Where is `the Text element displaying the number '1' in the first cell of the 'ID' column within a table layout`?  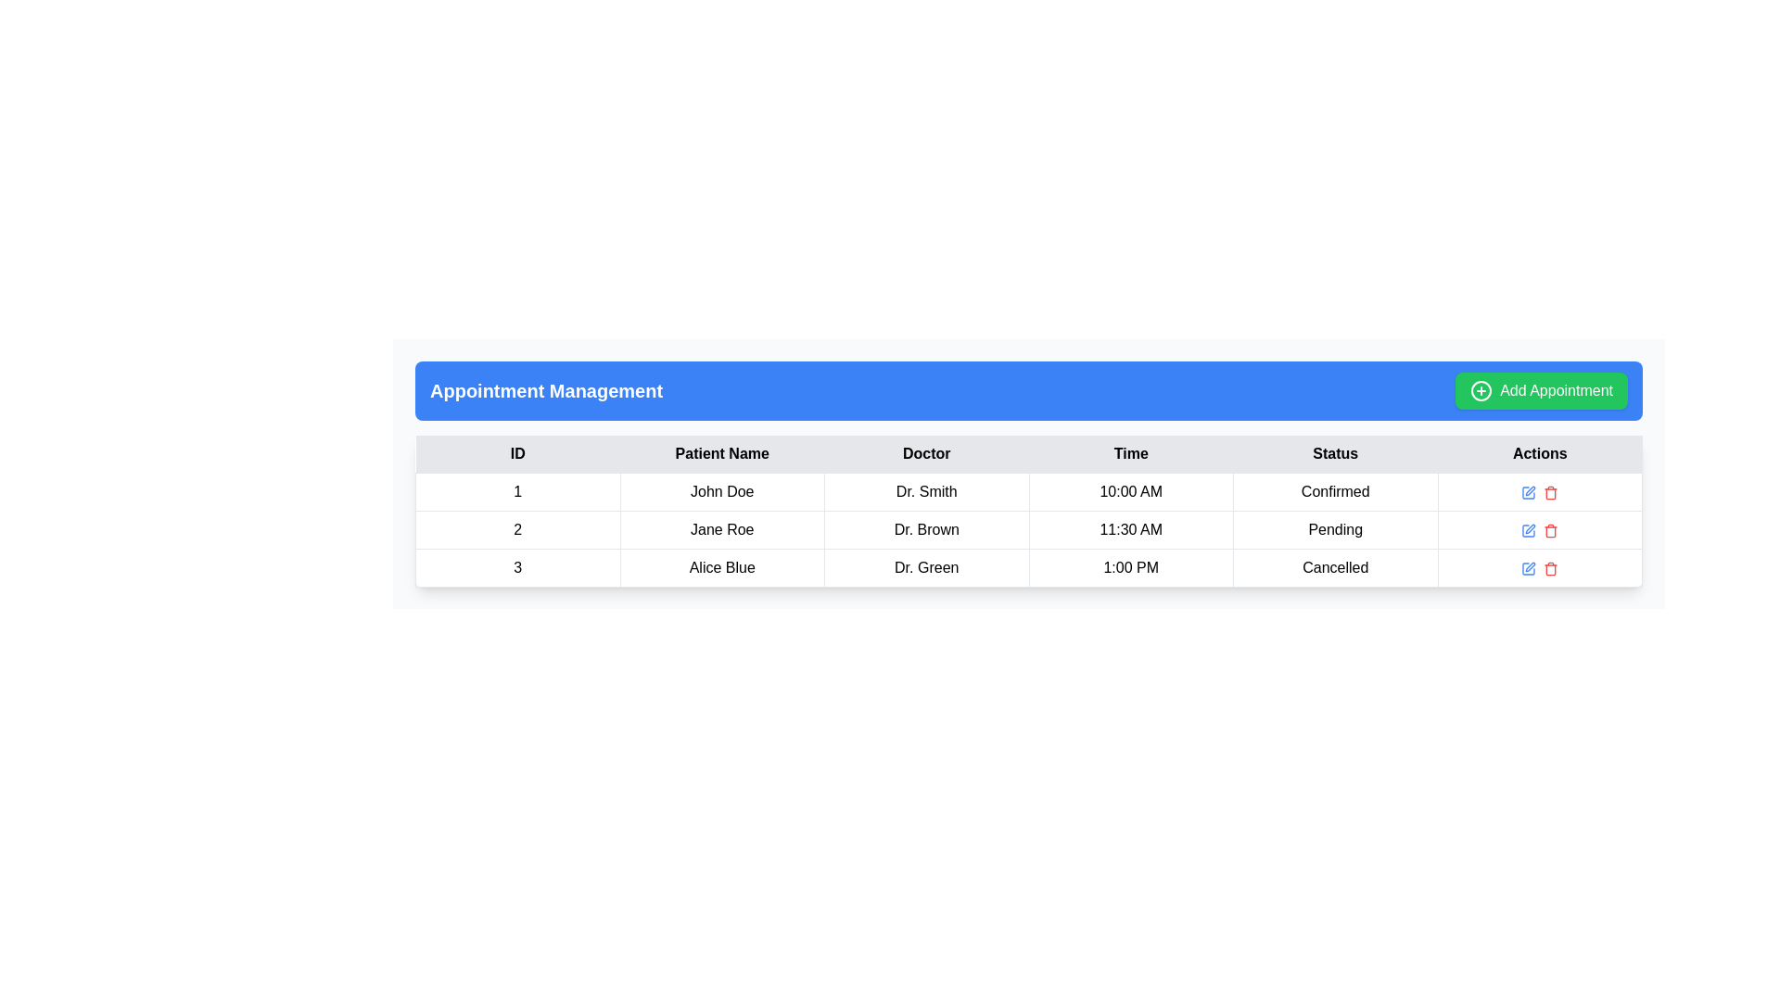
the Text element displaying the number '1' in the first cell of the 'ID' column within a table layout is located at coordinates (517, 491).